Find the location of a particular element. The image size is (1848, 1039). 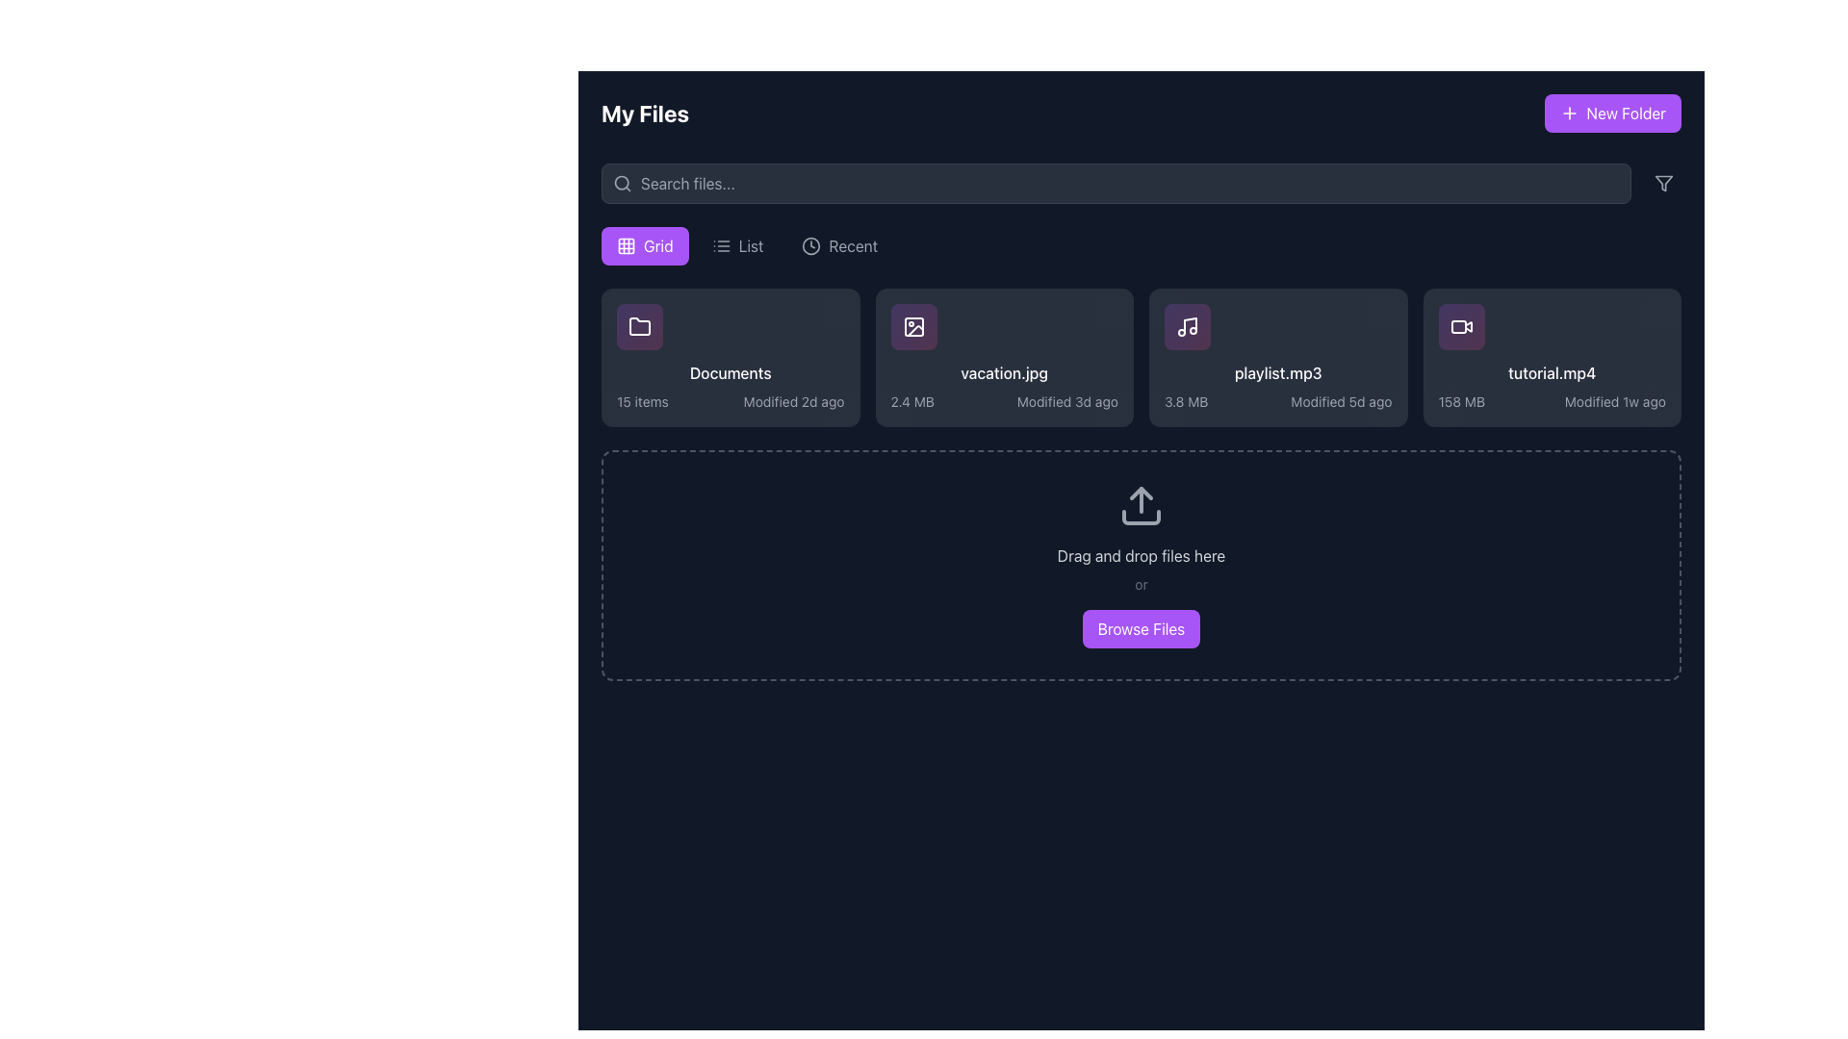

the SVG icon of a video camera with a recording symbol, which is the fourth item in the grid layout located in the top-right of the file grid is located at coordinates (1461, 325).